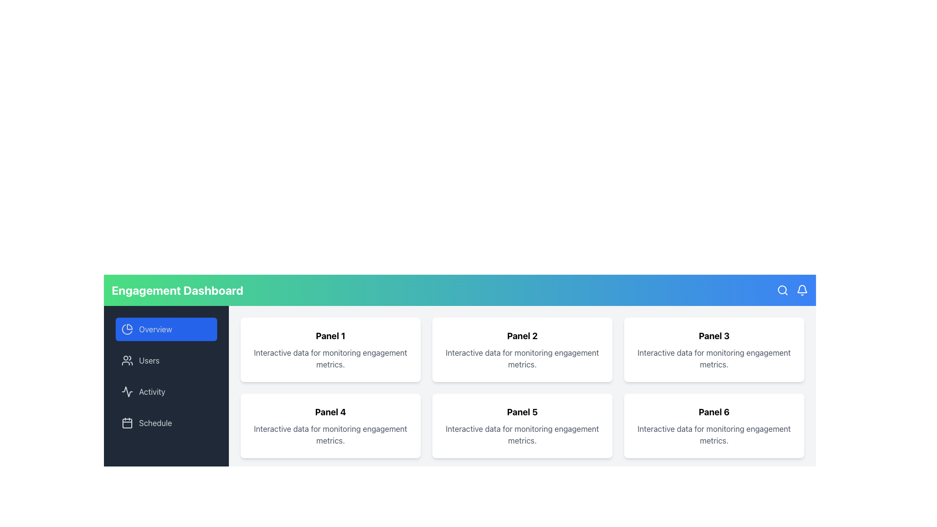 The image size is (937, 527). Describe the element at coordinates (522, 434) in the screenshot. I see `descriptive text displayed in the Text Display element located within 'Panel 5', positioned in the bottom row, second from the left` at that location.